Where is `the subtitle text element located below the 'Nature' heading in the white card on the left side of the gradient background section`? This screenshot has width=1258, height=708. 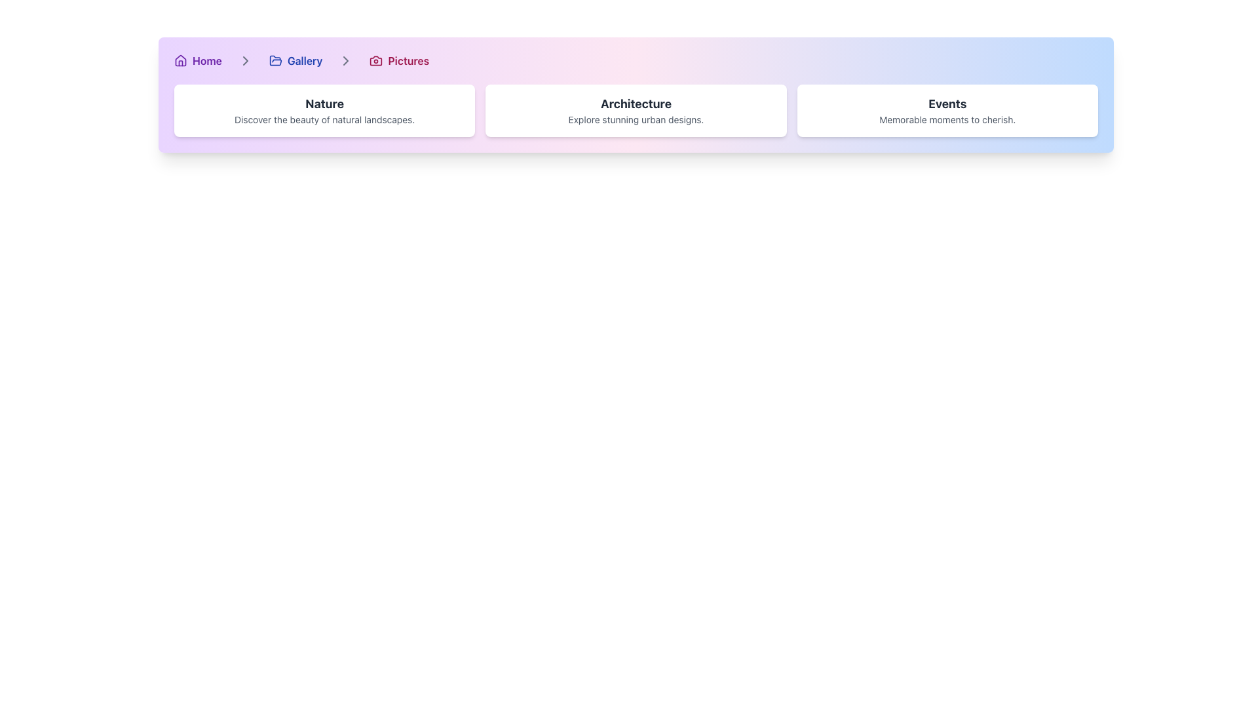
the subtitle text element located below the 'Nature' heading in the white card on the left side of the gradient background section is located at coordinates (324, 119).